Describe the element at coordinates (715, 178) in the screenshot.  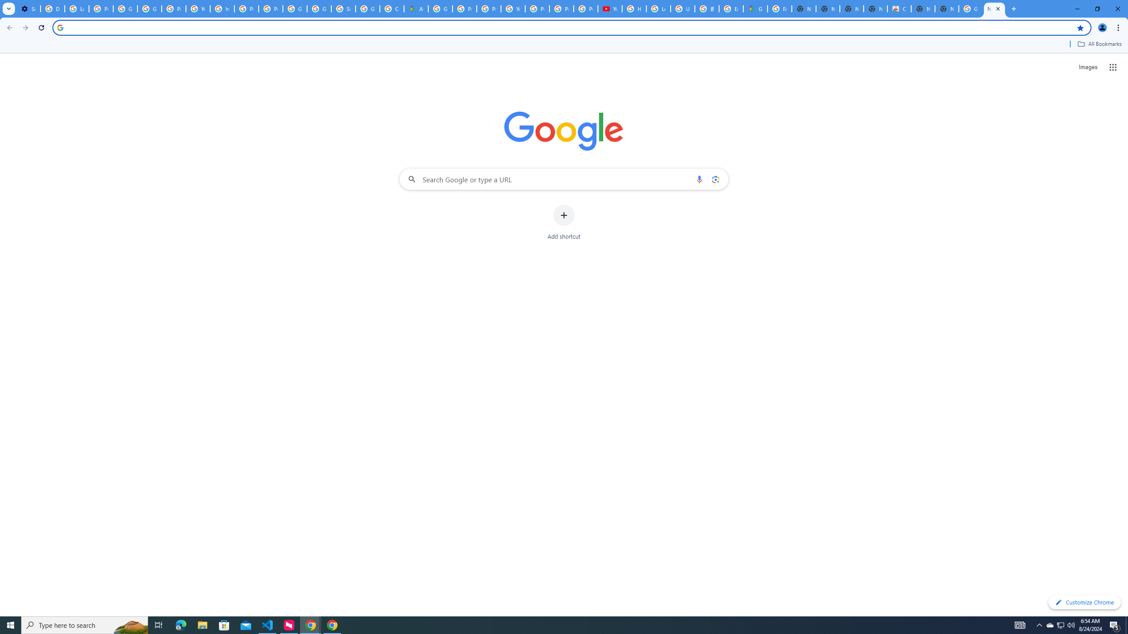
I see `'Search by image'` at that location.